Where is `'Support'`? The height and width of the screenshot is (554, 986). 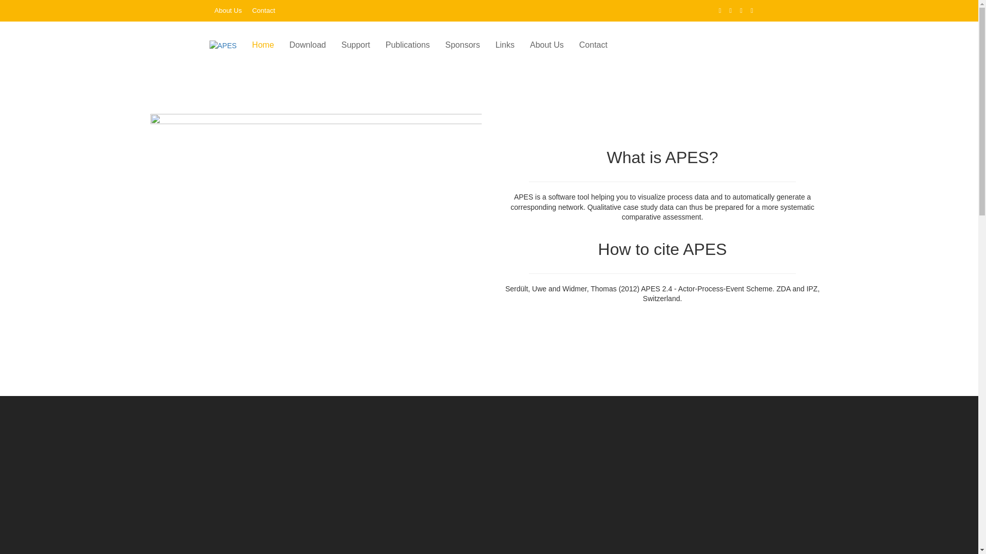 'Support' is located at coordinates (355, 45).